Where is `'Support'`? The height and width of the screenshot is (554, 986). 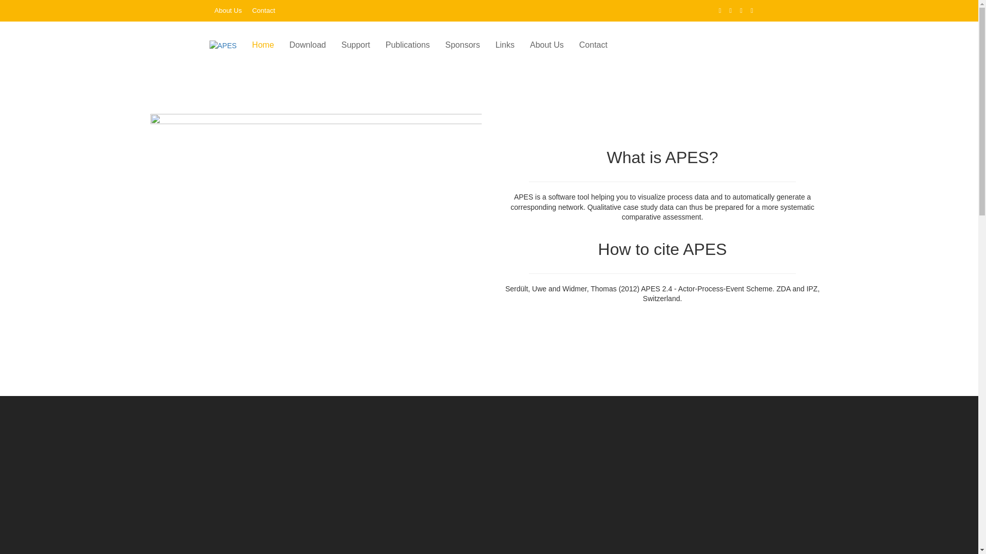 'Support' is located at coordinates (355, 45).